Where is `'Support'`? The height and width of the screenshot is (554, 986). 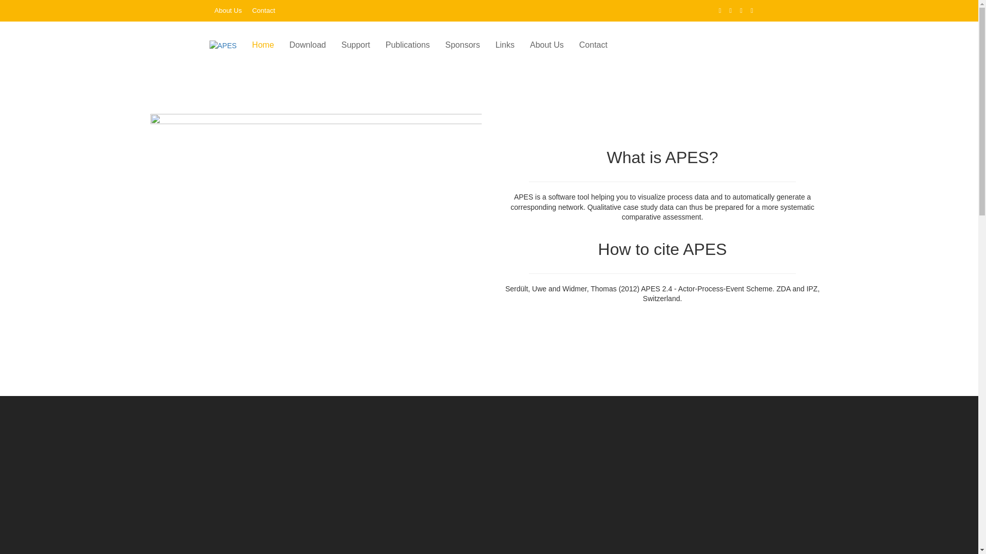 'Support' is located at coordinates (355, 45).